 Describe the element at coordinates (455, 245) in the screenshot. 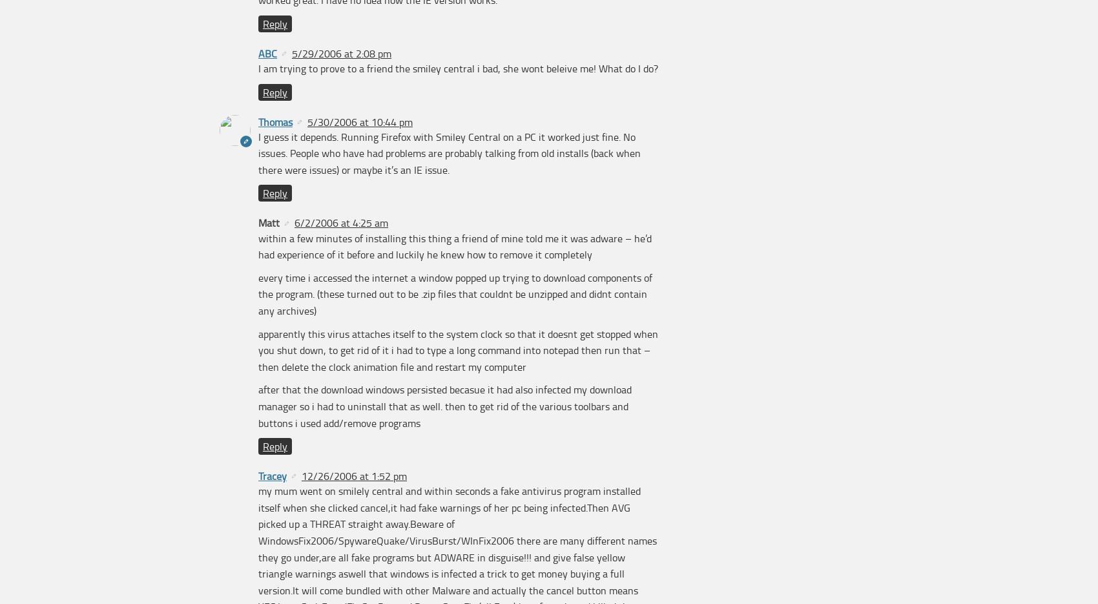

I see `'within a few minutes of installing this thing a friend of mine told me it was adware – he’d had experience of it before and luckily he knew how to remove it completely'` at that location.